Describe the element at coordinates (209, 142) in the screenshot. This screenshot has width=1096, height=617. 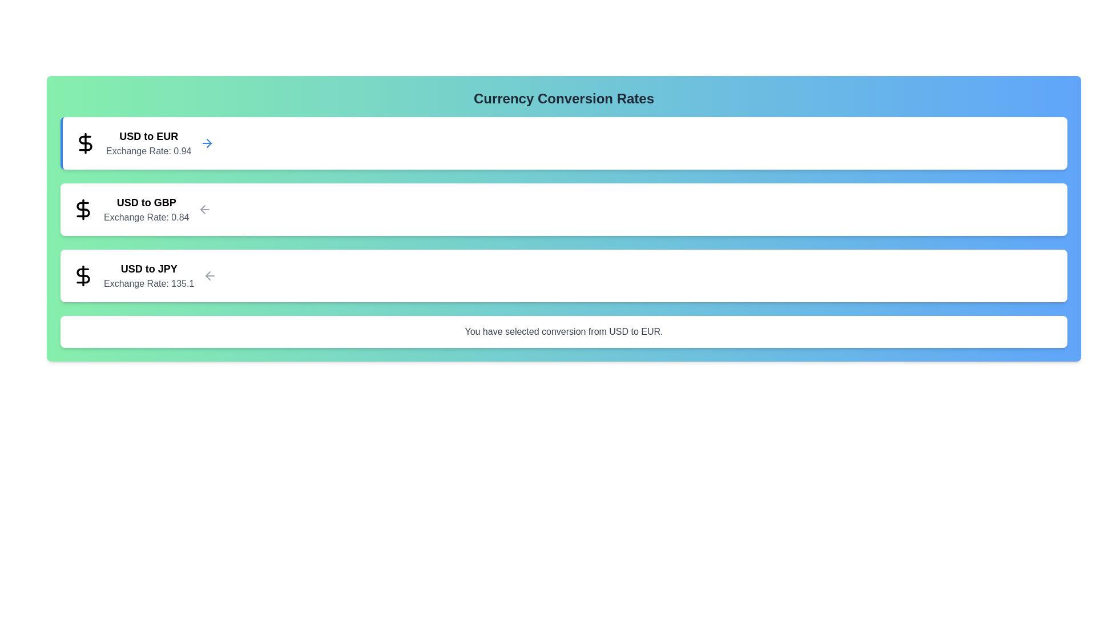
I see `the right-pointing arrow icon within the SVG graphic associated with the 'USD to EUR' conversion row to proceed or navigate` at that location.